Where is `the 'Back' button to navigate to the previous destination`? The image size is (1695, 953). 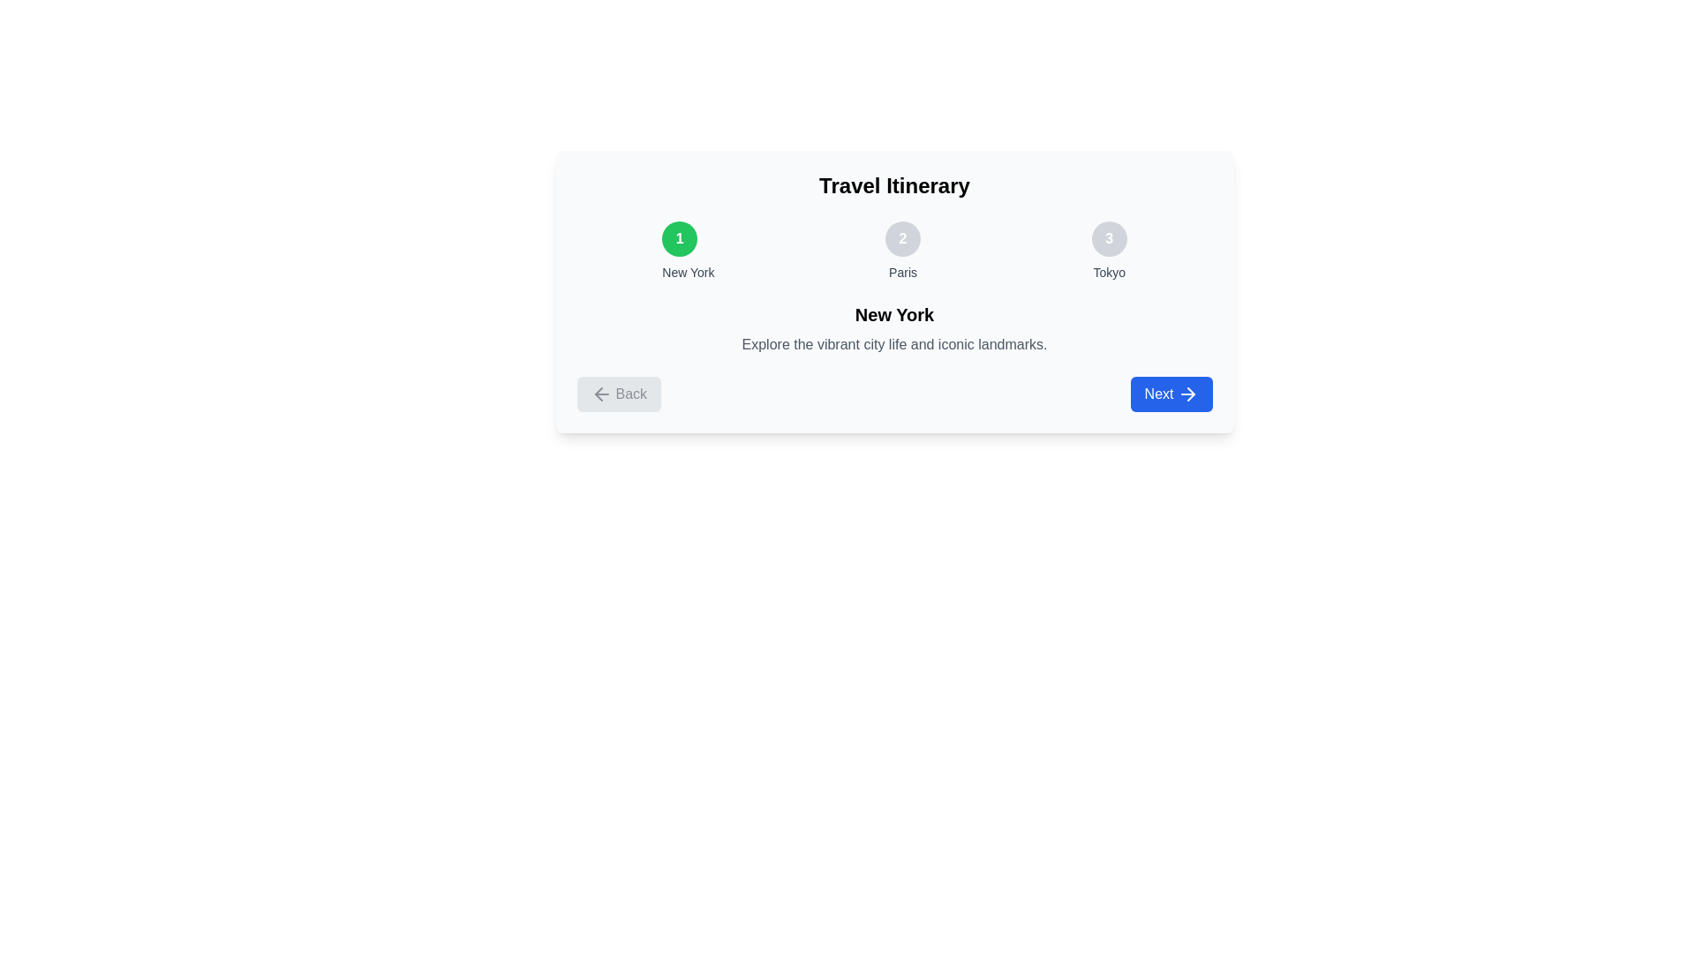
the 'Back' button to navigate to the previous destination is located at coordinates (619, 394).